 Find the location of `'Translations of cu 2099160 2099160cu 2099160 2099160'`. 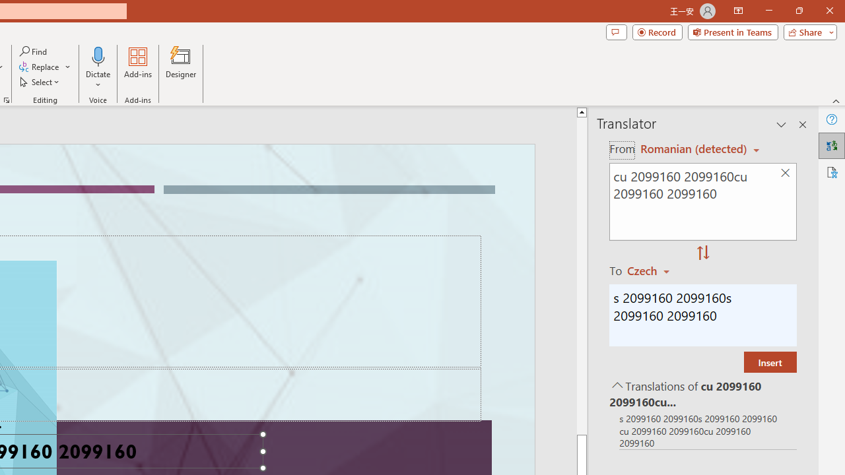

'Translations of cu 2099160 2099160cu 2099160 2099160' is located at coordinates (702, 393).